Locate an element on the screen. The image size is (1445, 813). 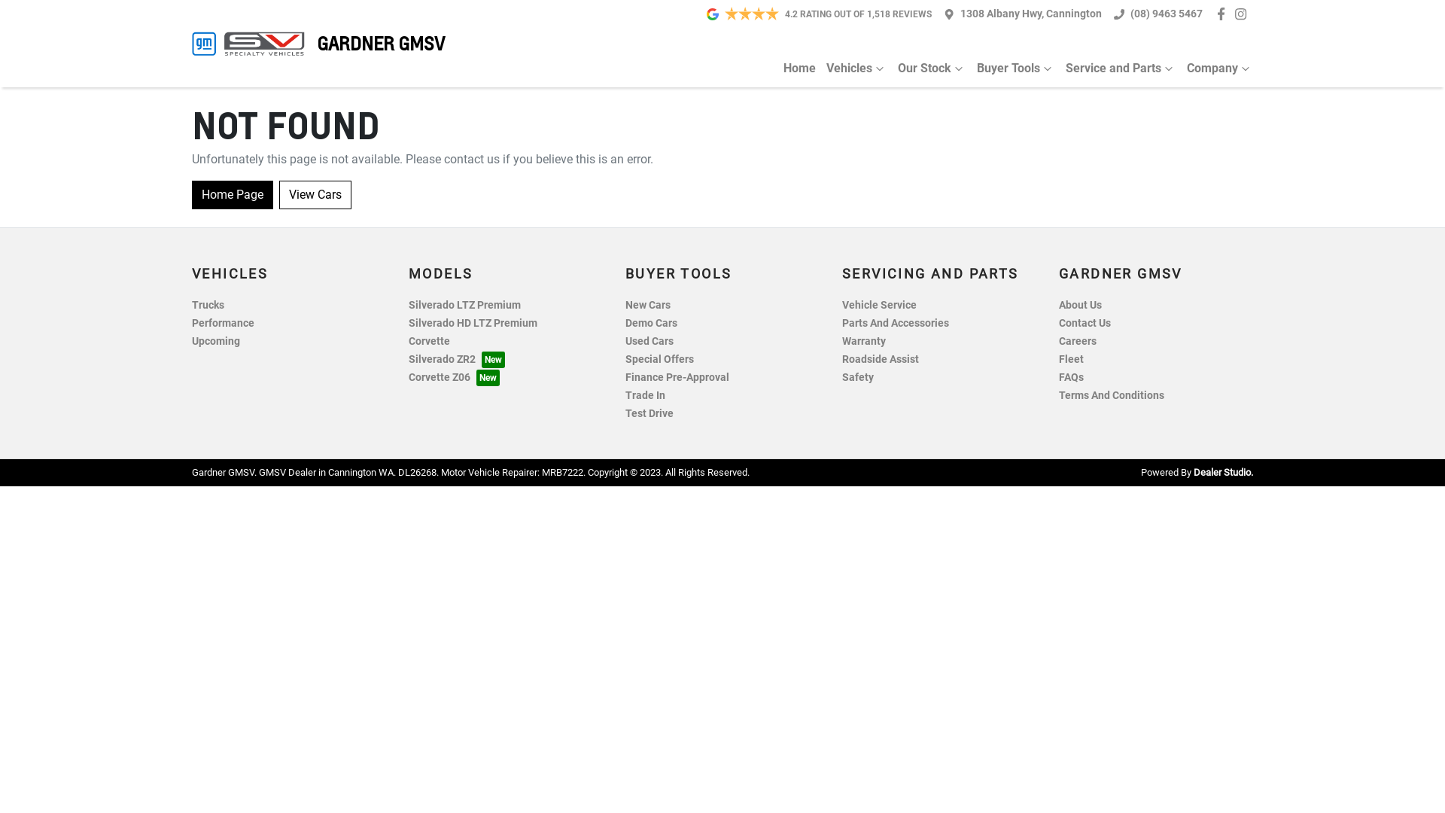
'Dealer Studio.' is located at coordinates (1223, 471).